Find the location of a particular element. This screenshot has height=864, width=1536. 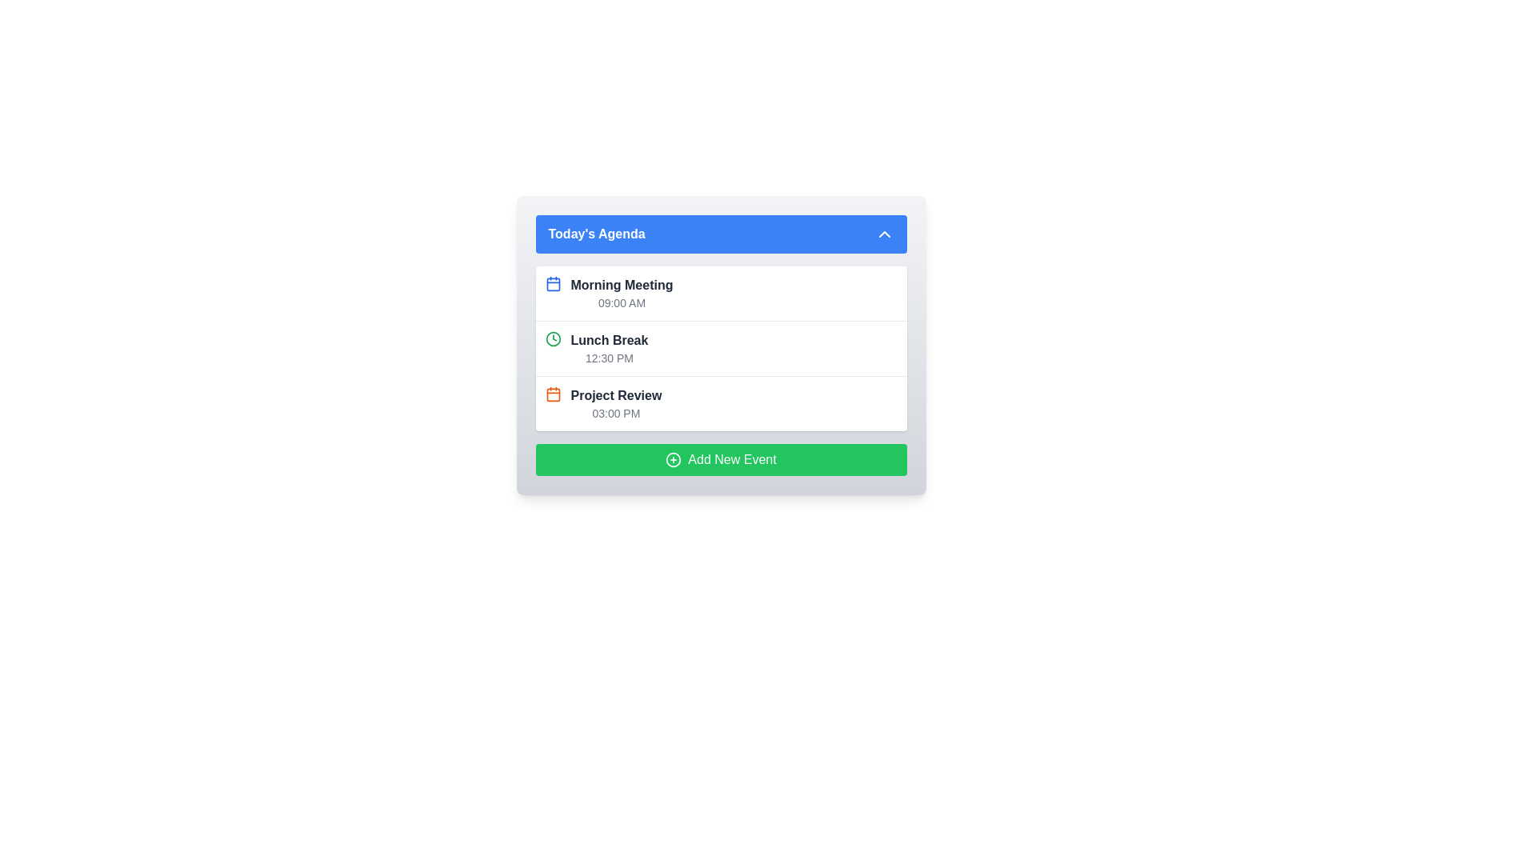

text from the 'Lunch Break' label, which is styled in bold, dark gray font and is part of the day's agenda section is located at coordinates (609, 339).